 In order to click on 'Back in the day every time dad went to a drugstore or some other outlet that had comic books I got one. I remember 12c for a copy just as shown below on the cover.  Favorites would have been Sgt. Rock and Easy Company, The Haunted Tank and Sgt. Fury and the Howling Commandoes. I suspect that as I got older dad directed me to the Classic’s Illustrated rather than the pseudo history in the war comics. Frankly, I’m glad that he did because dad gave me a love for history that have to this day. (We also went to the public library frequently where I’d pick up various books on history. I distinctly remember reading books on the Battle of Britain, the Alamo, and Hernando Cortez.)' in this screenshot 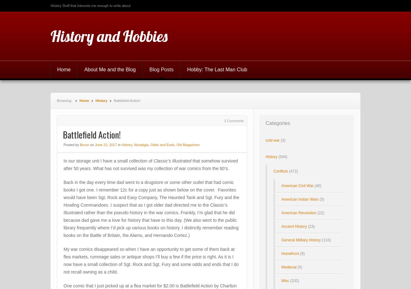, I will do `click(151, 208)`.